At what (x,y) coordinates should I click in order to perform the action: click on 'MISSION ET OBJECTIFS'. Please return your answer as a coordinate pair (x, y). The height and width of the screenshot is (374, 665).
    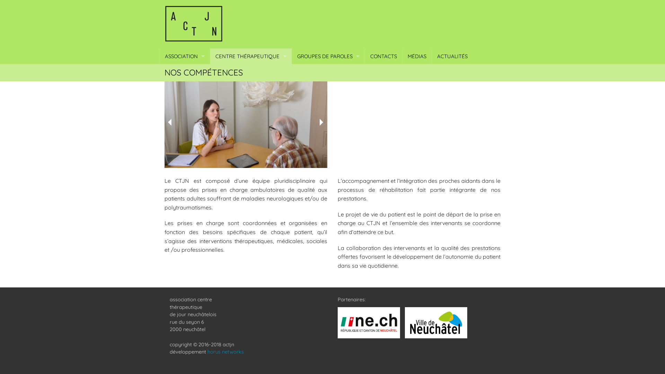
    Looking at the image, I should click on (210, 72).